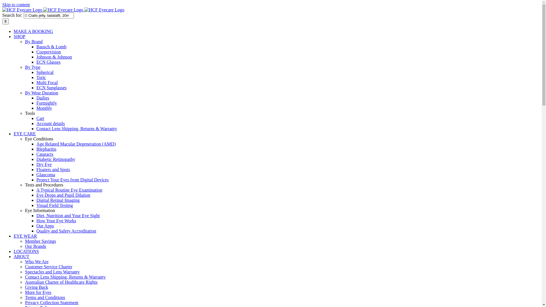 The width and height of the screenshot is (546, 307). Describe the element at coordinates (16, 5) in the screenshot. I see `'Skip to content'` at that location.